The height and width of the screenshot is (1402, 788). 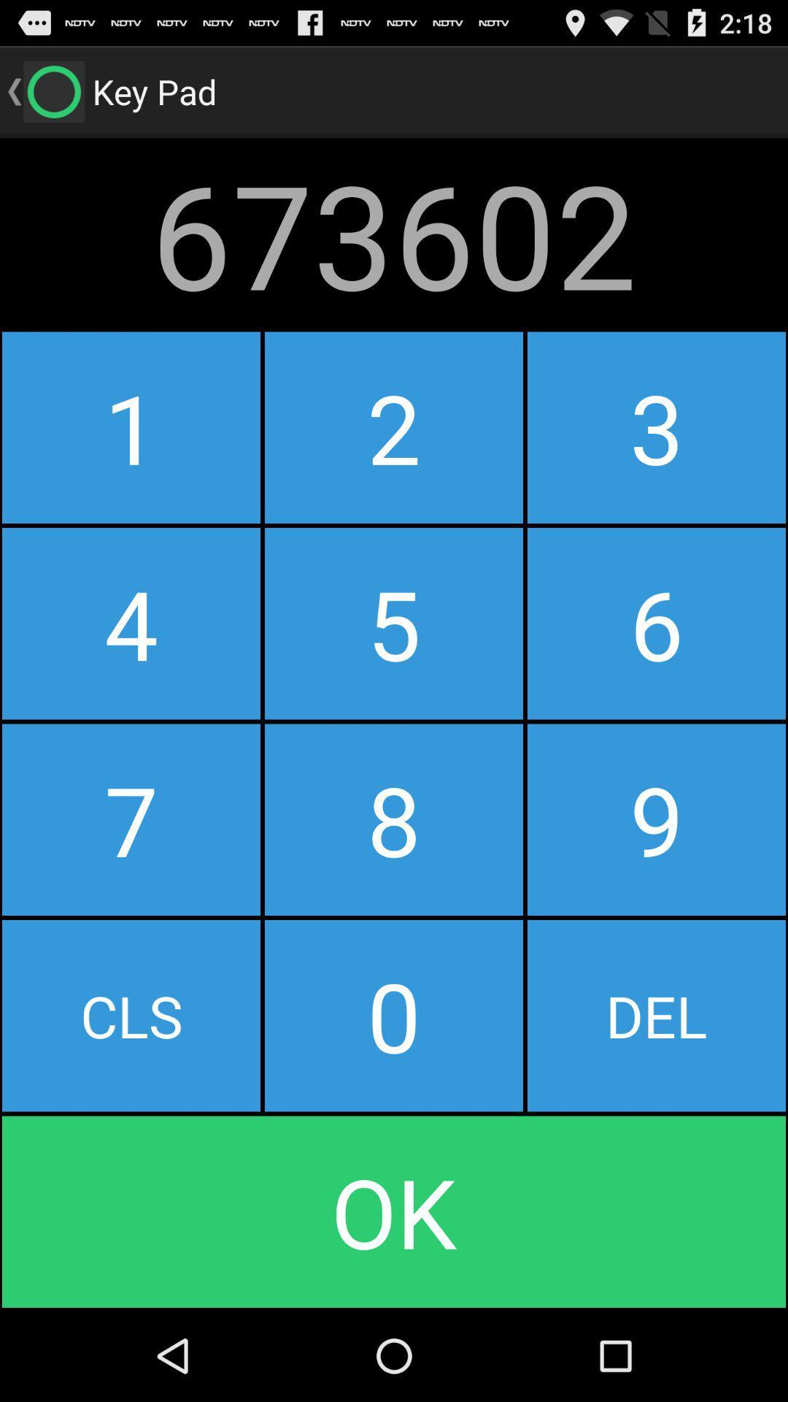 I want to click on the button next to the 8 item, so click(x=131, y=1015).